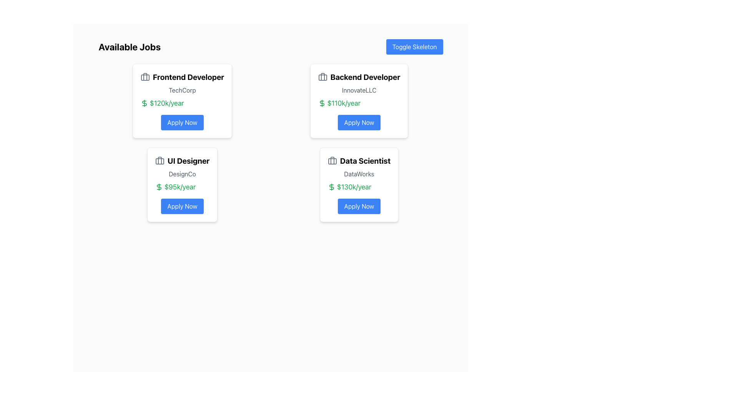 This screenshot has height=415, width=738. What do you see at coordinates (144, 103) in the screenshot?
I see `the dollar icon representing salary potential in the 'Frontend Developer' job card located at the upper left corner next to the salary text ('$120k/year')` at bounding box center [144, 103].